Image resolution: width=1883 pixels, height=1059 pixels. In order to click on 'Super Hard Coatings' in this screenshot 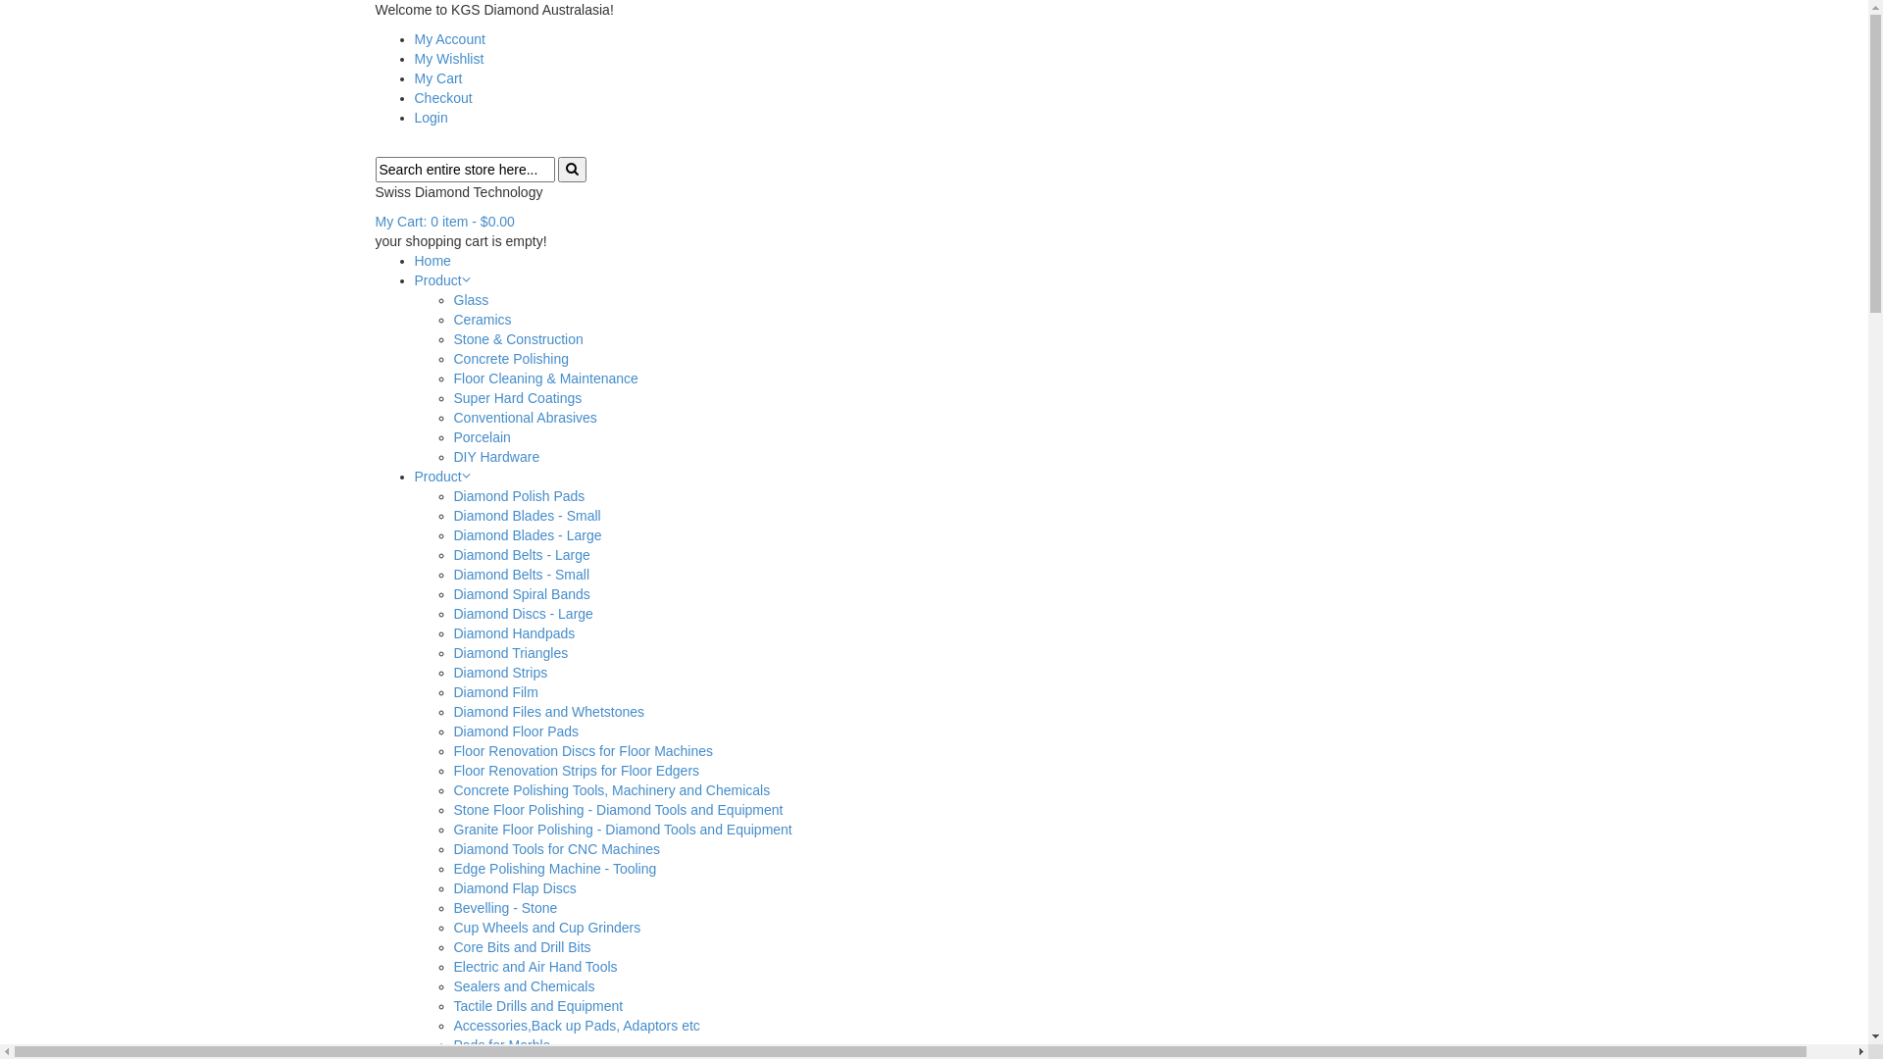, I will do `click(451, 397)`.